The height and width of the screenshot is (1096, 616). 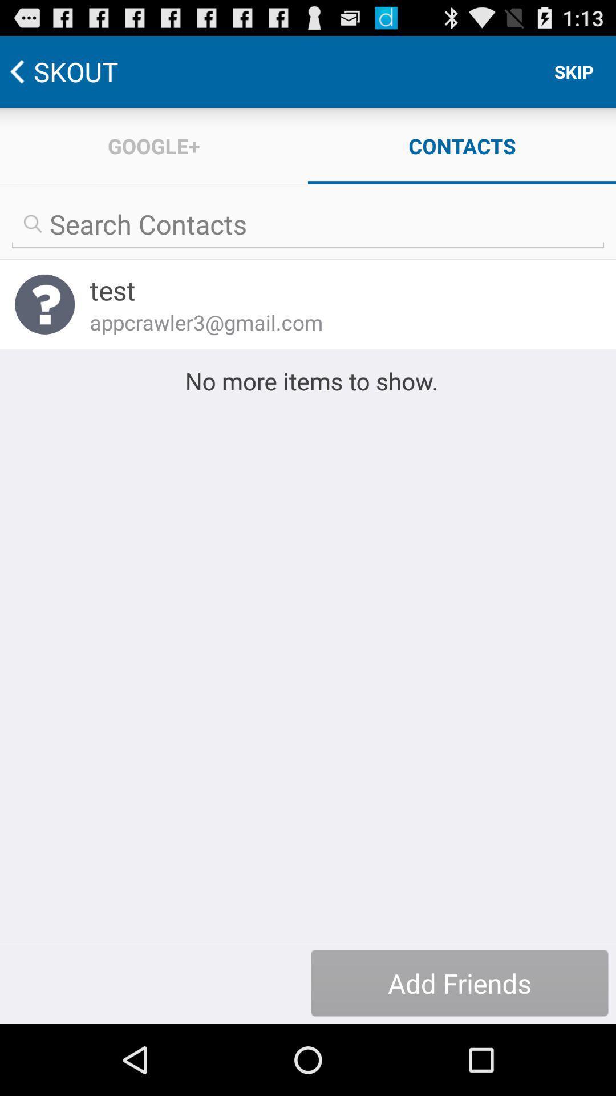 What do you see at coordinates (337, 290) in the screenshot?
I see `test` at bounding box center [337, 290].